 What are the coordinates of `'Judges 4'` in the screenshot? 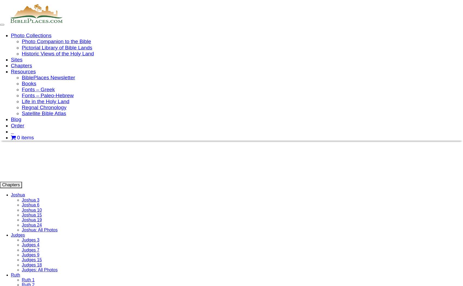 It's located at (30, 245).